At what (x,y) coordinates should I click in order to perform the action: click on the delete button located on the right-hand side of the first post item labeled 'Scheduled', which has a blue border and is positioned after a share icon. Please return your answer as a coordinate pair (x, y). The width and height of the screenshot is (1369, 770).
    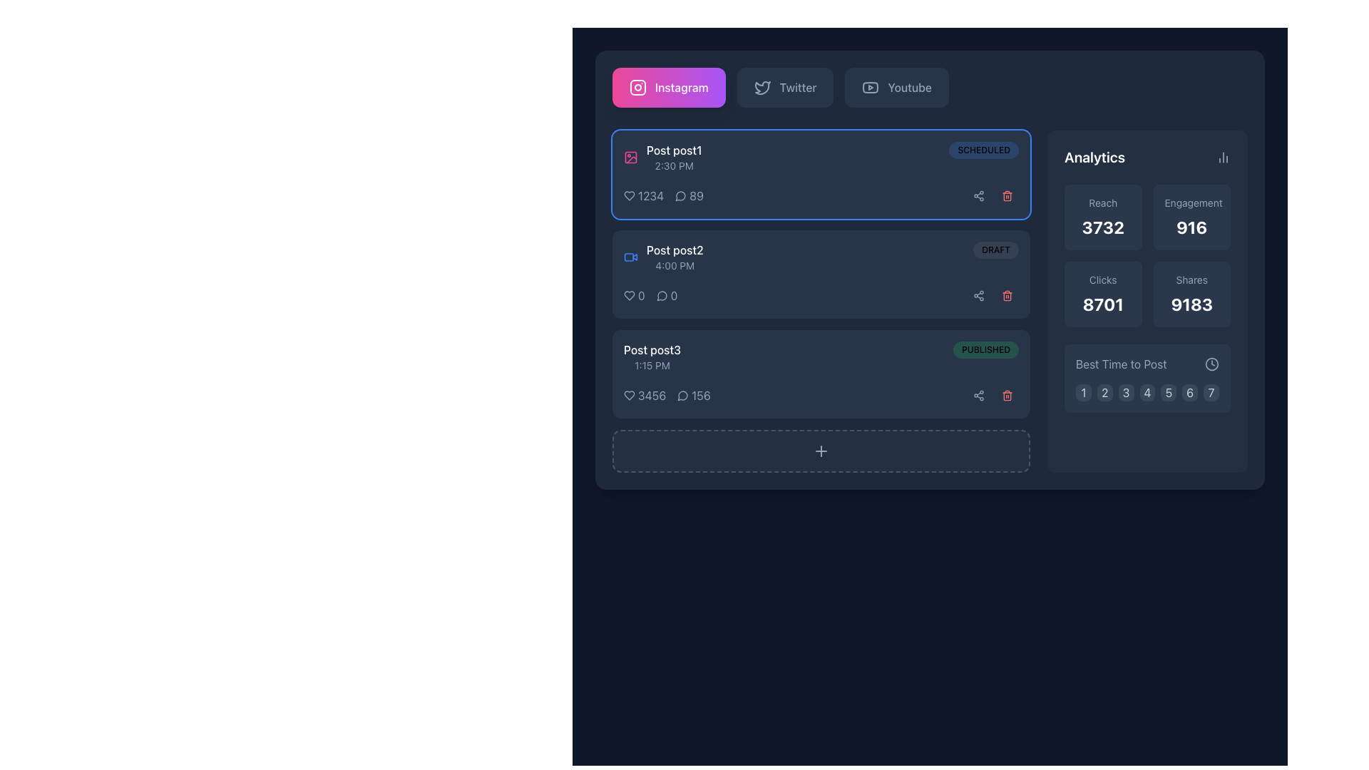
    Looking at the image, I should click on (1006, 195).